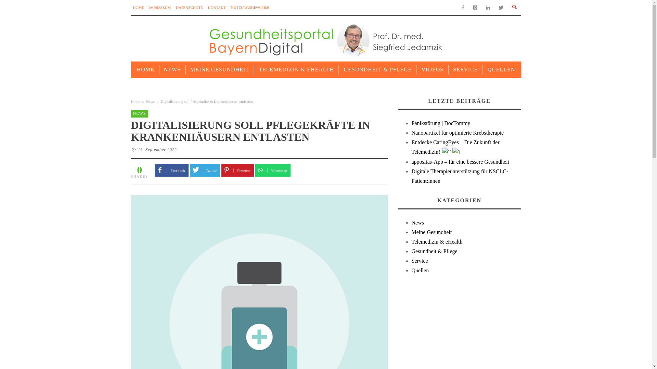  What do you see at coordinates (434, 251) in the screenshot?
I see `'Gesundheit & Pflege'` at bounding box center [434, 251].